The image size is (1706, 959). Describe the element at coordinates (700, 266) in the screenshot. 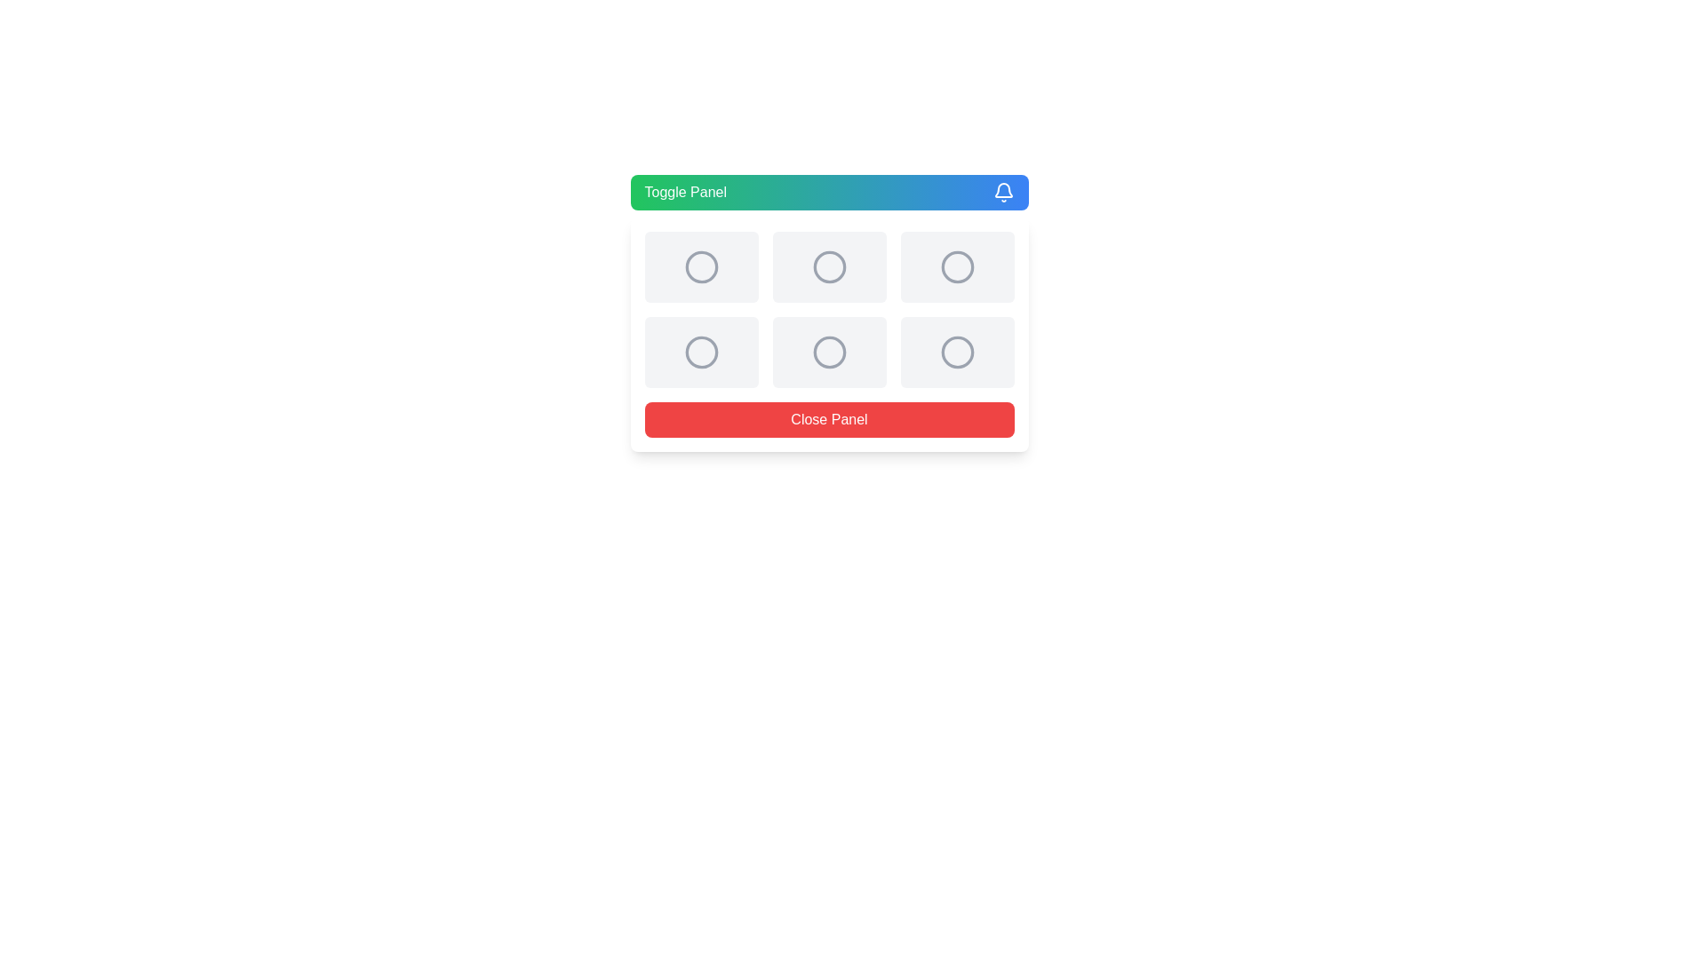

I see `the top-left circular icon` at that location.